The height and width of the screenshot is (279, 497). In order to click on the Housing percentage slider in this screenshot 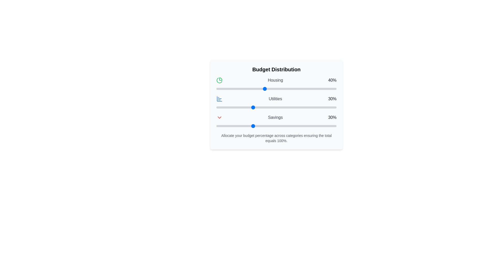, I will do `click(293, 88)`.